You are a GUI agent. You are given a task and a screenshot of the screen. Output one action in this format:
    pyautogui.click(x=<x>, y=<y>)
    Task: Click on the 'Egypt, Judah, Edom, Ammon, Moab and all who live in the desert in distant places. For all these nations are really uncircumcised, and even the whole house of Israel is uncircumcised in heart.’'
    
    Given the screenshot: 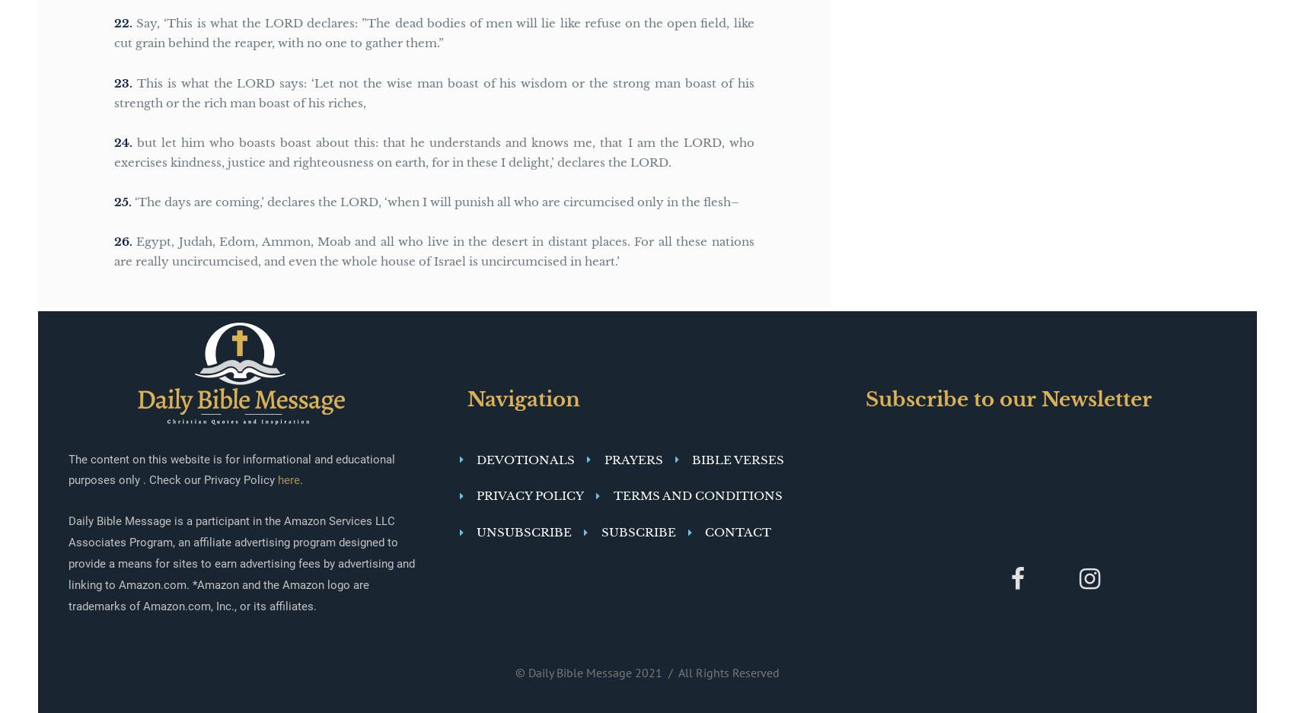 What is the action you would take?
    pyautogui.click(x=434, y=251)
    